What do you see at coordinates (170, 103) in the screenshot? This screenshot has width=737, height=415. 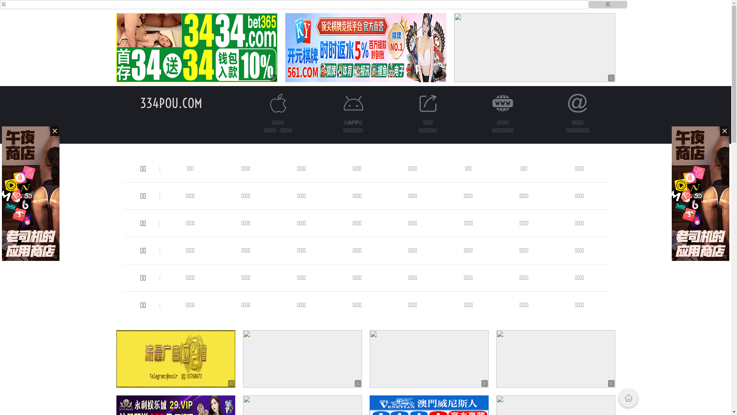 I see `'334POU.COM'` at bounding box center [170, 103].